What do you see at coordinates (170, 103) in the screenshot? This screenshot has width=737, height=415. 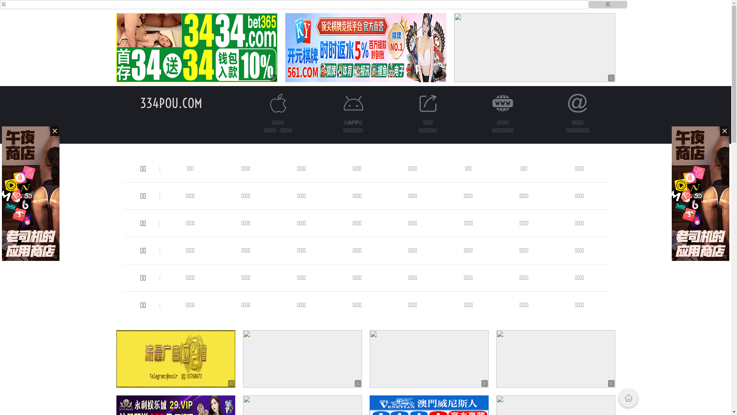 I see `'334POU.COM'` at bounding box center [170, 103].